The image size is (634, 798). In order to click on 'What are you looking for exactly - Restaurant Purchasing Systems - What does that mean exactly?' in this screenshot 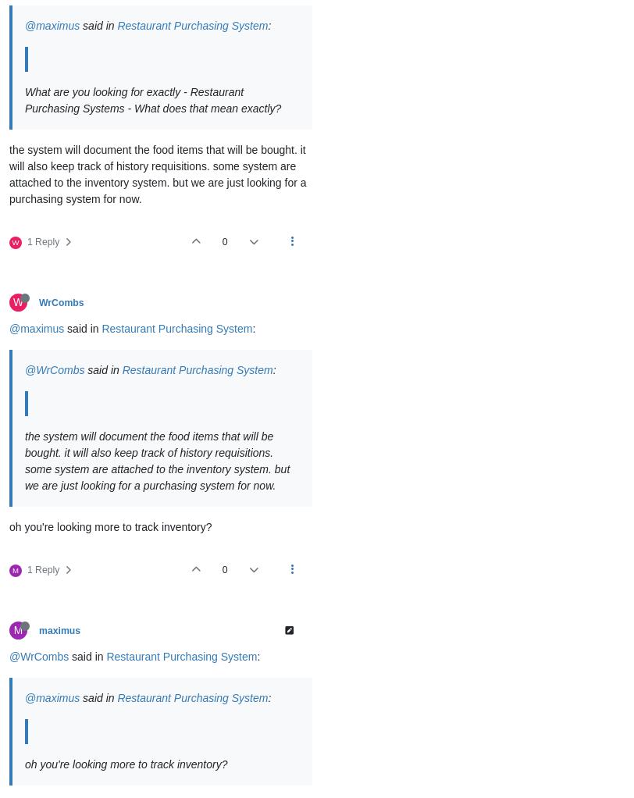, I will do `click(153, 100)`.